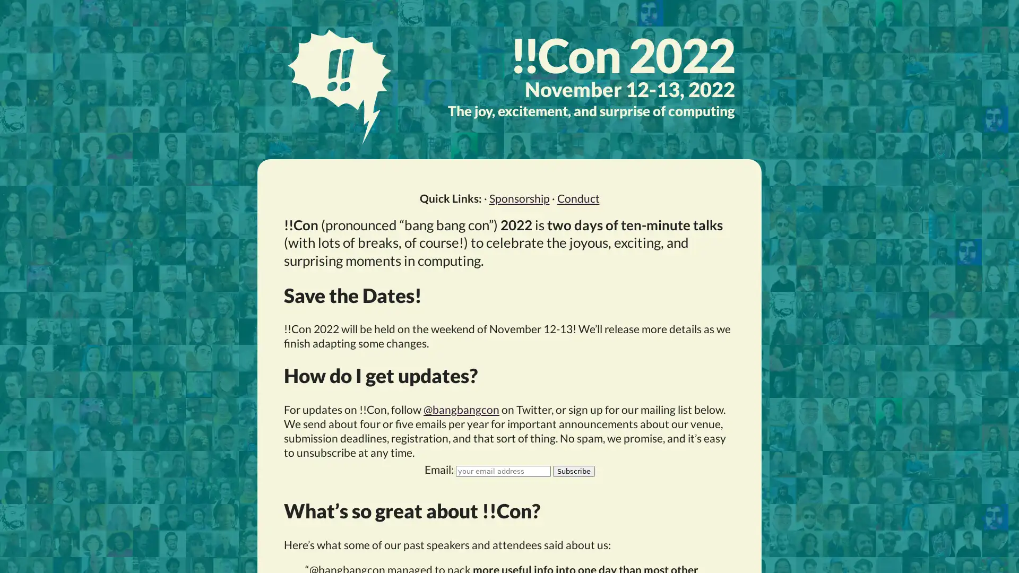 The image size is (1019, 573). What do you see at coordinates (573, 470) in the screenshot?
I see `Subscribe` at bounding box center [573, 470].